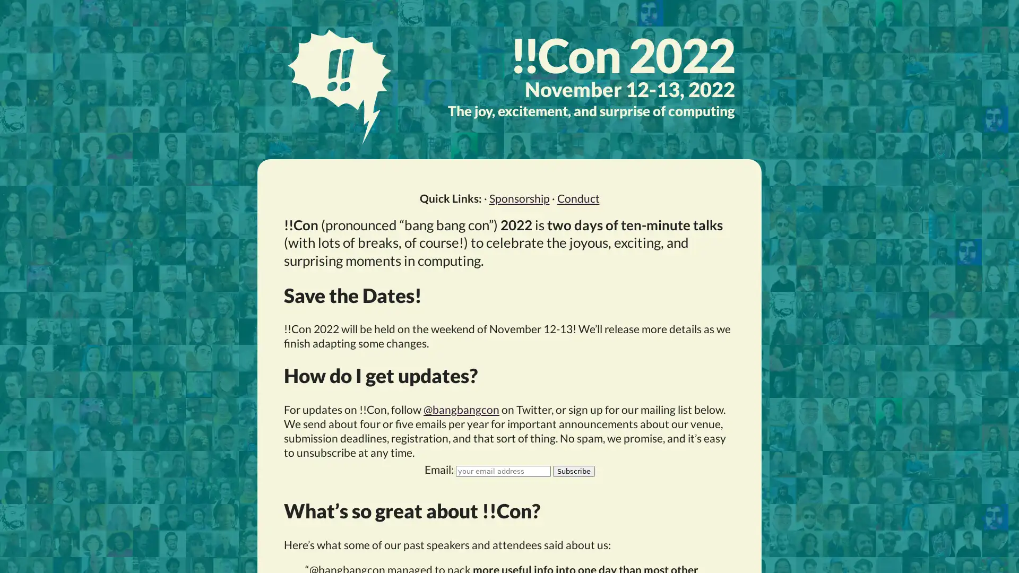 The image size is (1019, 573). What do you see at coordinates (573, 470) in the screenshot?
I see `Subscribe` at bounding box center [573, 470].